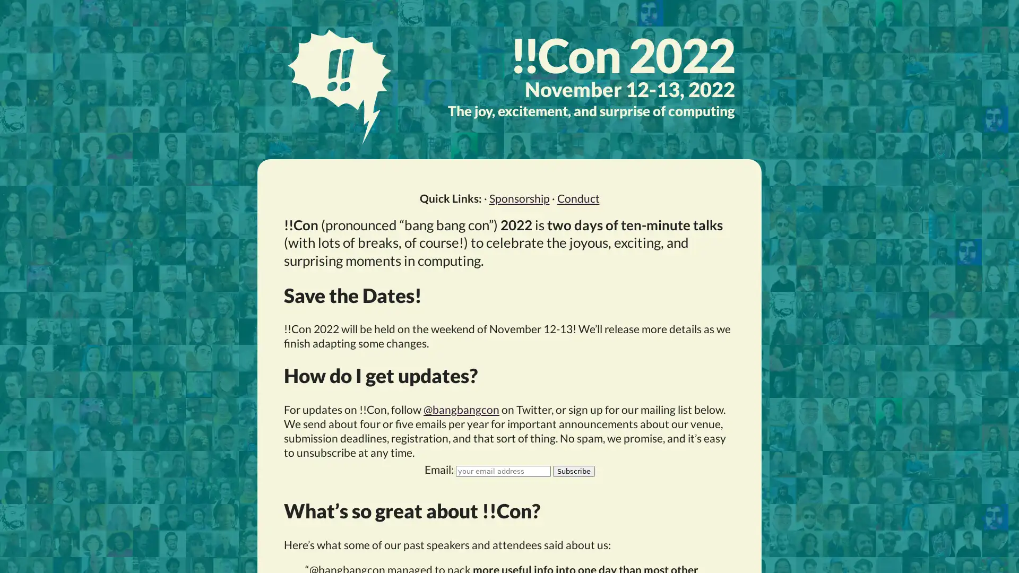 The image size is (1019, 573). What do you see at coordinates (573, 470) in the screenshot?
I see `Subscribe` at bounding box center [573, 470].